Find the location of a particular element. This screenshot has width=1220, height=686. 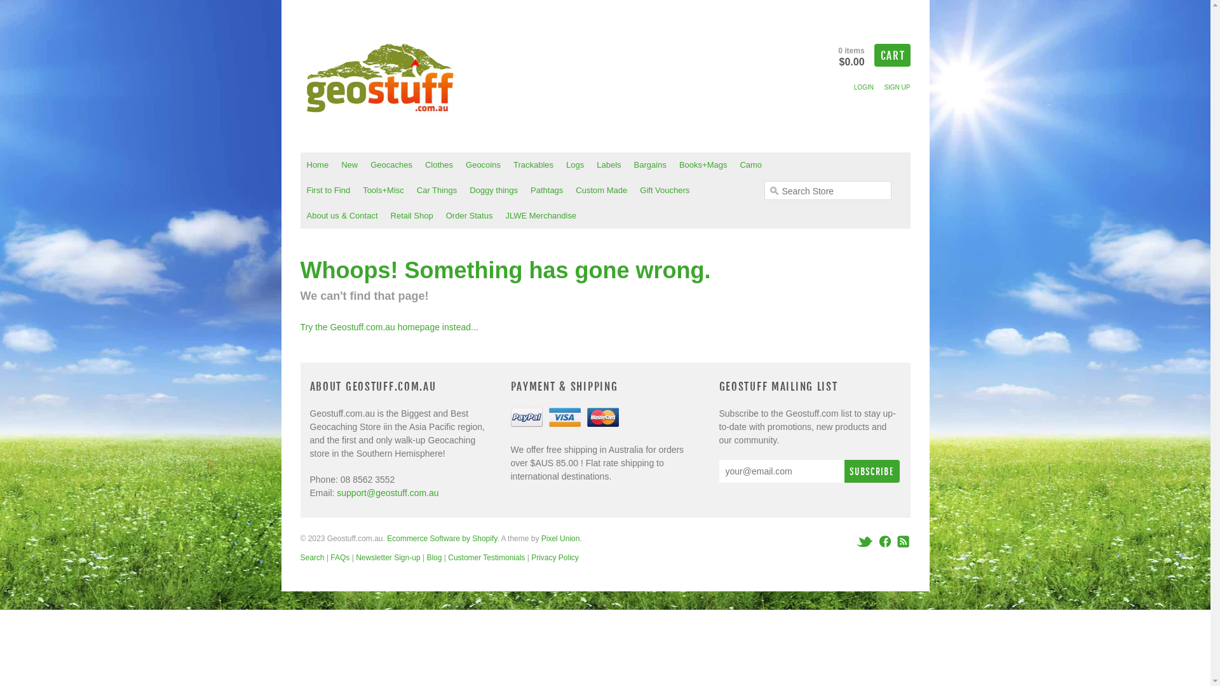

'Logs' is located at coordinates (574, 164).